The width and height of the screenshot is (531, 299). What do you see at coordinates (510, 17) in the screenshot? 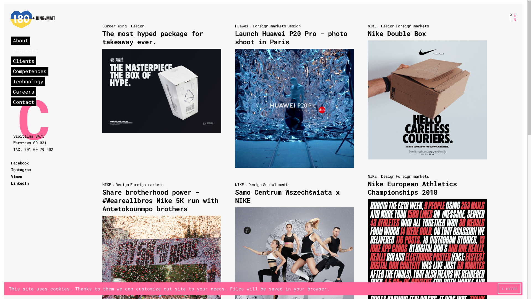
I see `'P` at bounding box center [510, 17].